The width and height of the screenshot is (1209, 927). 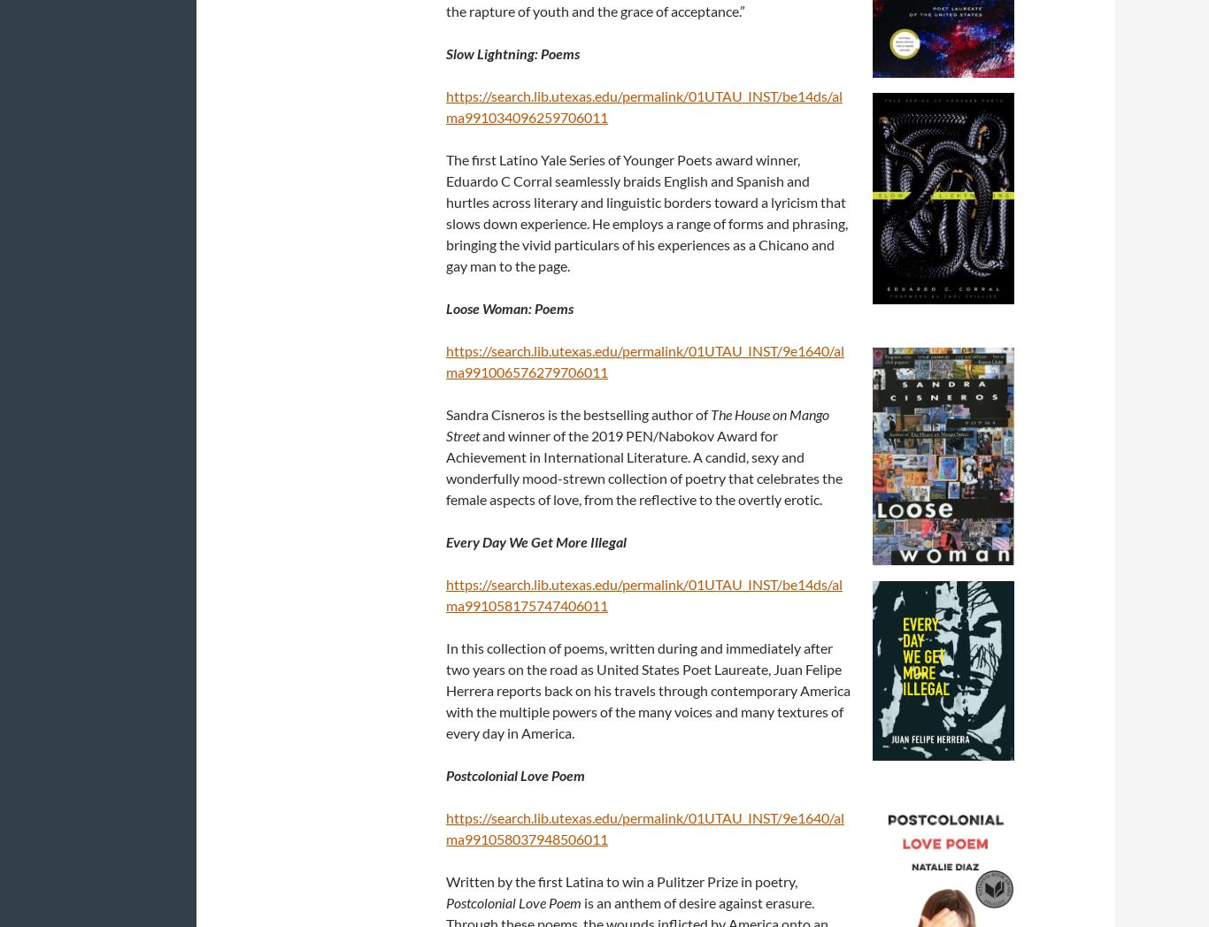 I want to click on 'Every Day We Get More Illegal', so click(x=535, y=540).